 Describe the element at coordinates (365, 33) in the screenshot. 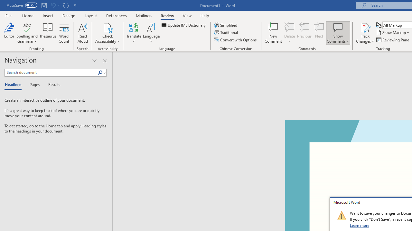

I see `'Track Changes'` at that location.